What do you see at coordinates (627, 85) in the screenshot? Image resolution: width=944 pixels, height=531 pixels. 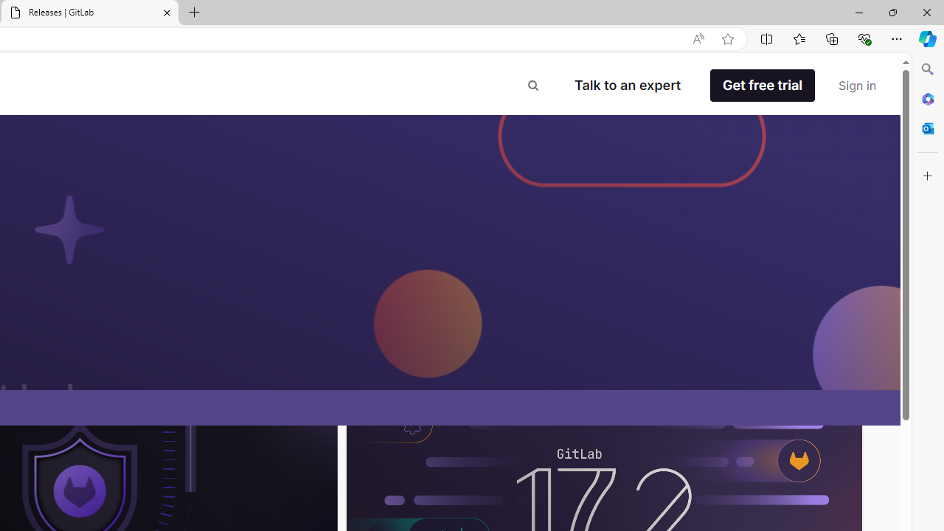 I see `'Talk to an expert'` at bounding box center [627, 85].